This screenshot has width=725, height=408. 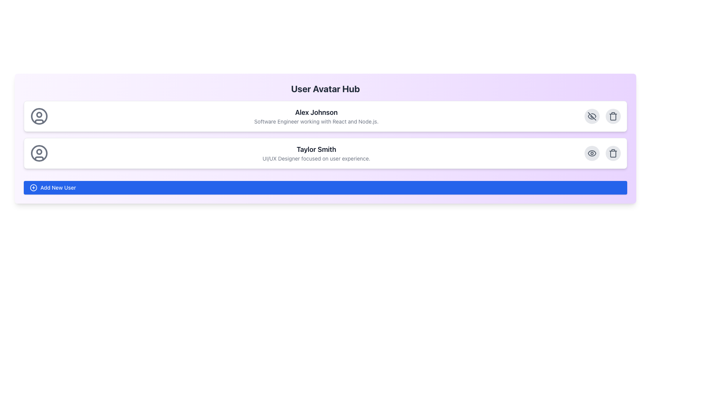 What do you see at coordinates (592, 116) in the screenshot?
I see `the circular visibility toggle button with a crossed-out eye icon located at the far-right of the user panel displaying Alex Johnson's name and title` at bounding box center [592, 116].